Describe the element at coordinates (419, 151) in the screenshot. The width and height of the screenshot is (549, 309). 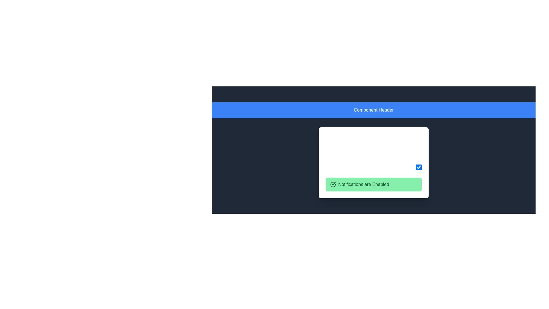
I see `the small, white, circular toggle indicator located within the toggle switch in the lower-right area of the modal-like white card` at that location.